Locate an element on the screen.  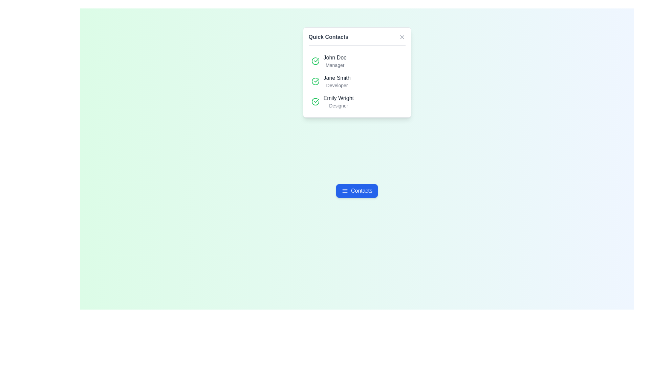
the text 'Emily Wright' is located at coordinates (338, 98).